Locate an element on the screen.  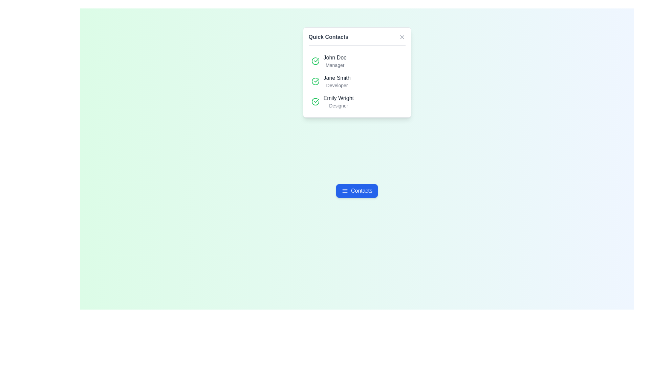
the text 'Emily Wright' is located at coordinates (338, 98).